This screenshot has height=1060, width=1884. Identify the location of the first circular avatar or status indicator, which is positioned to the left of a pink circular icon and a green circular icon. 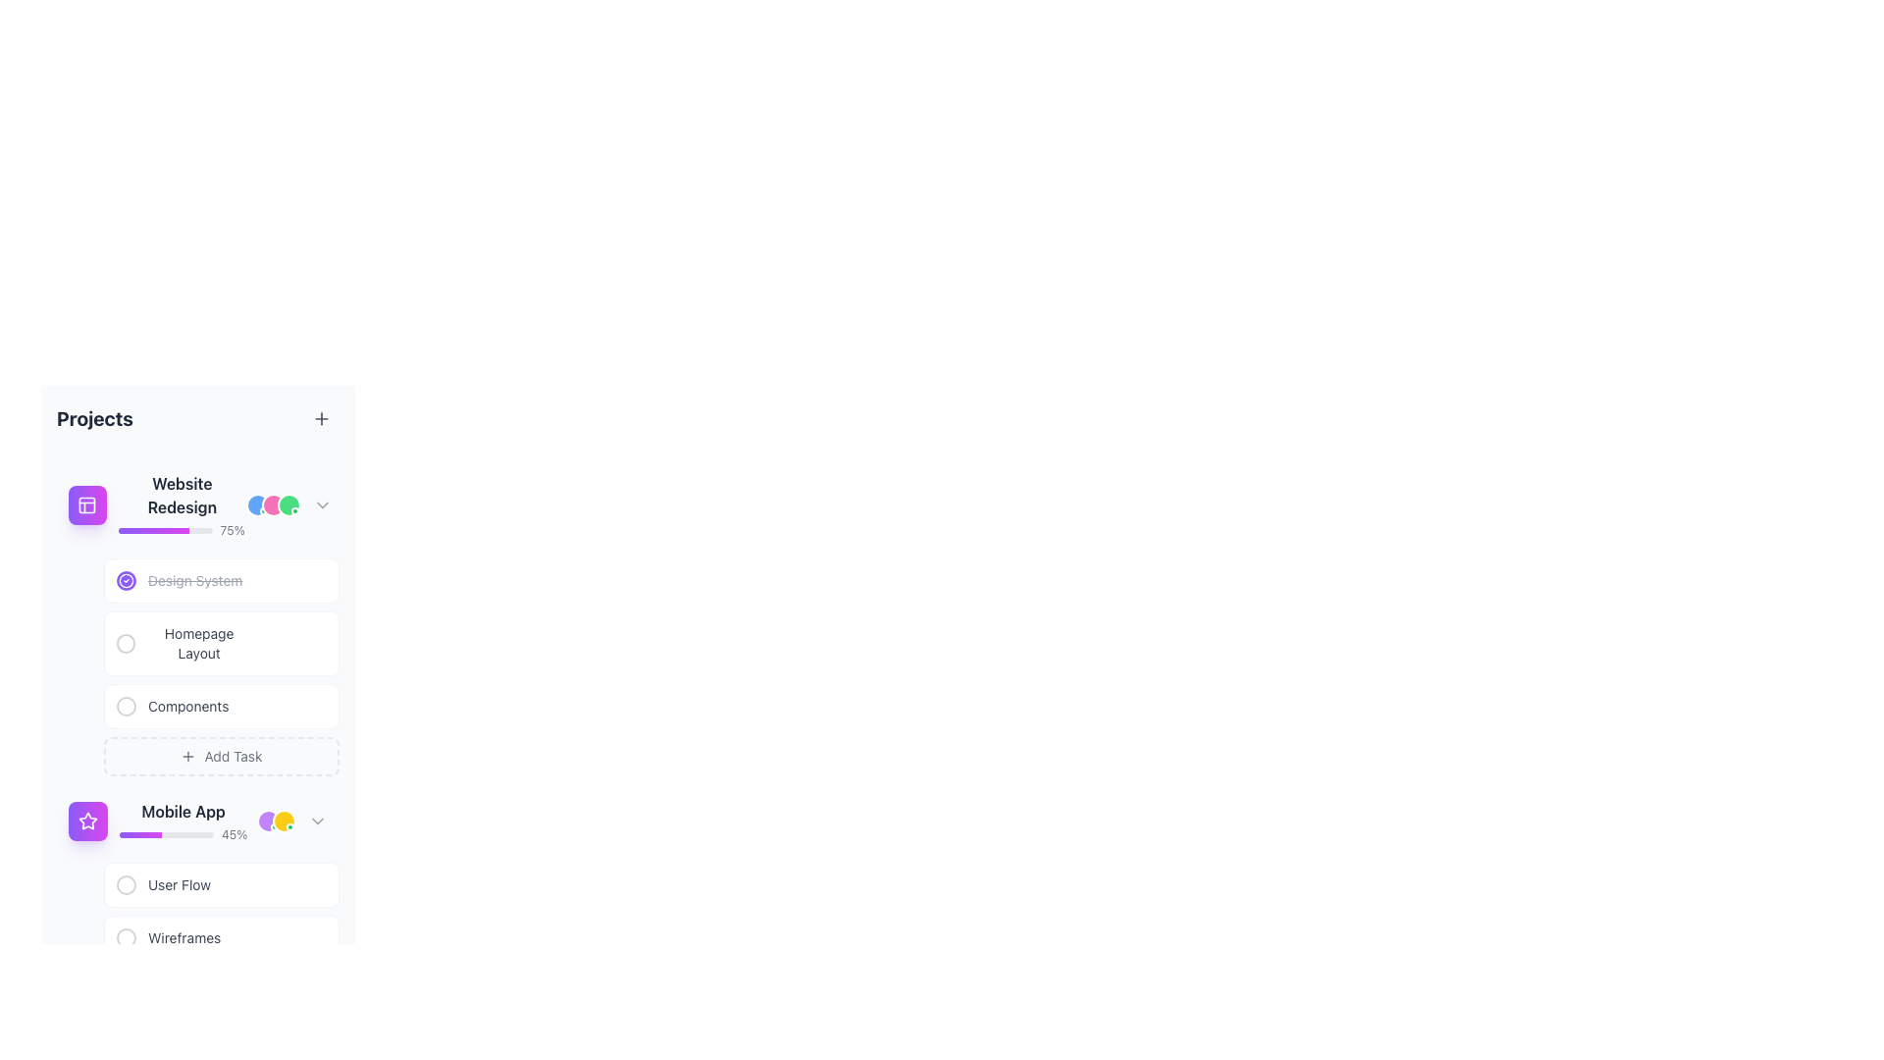
(257, 504).